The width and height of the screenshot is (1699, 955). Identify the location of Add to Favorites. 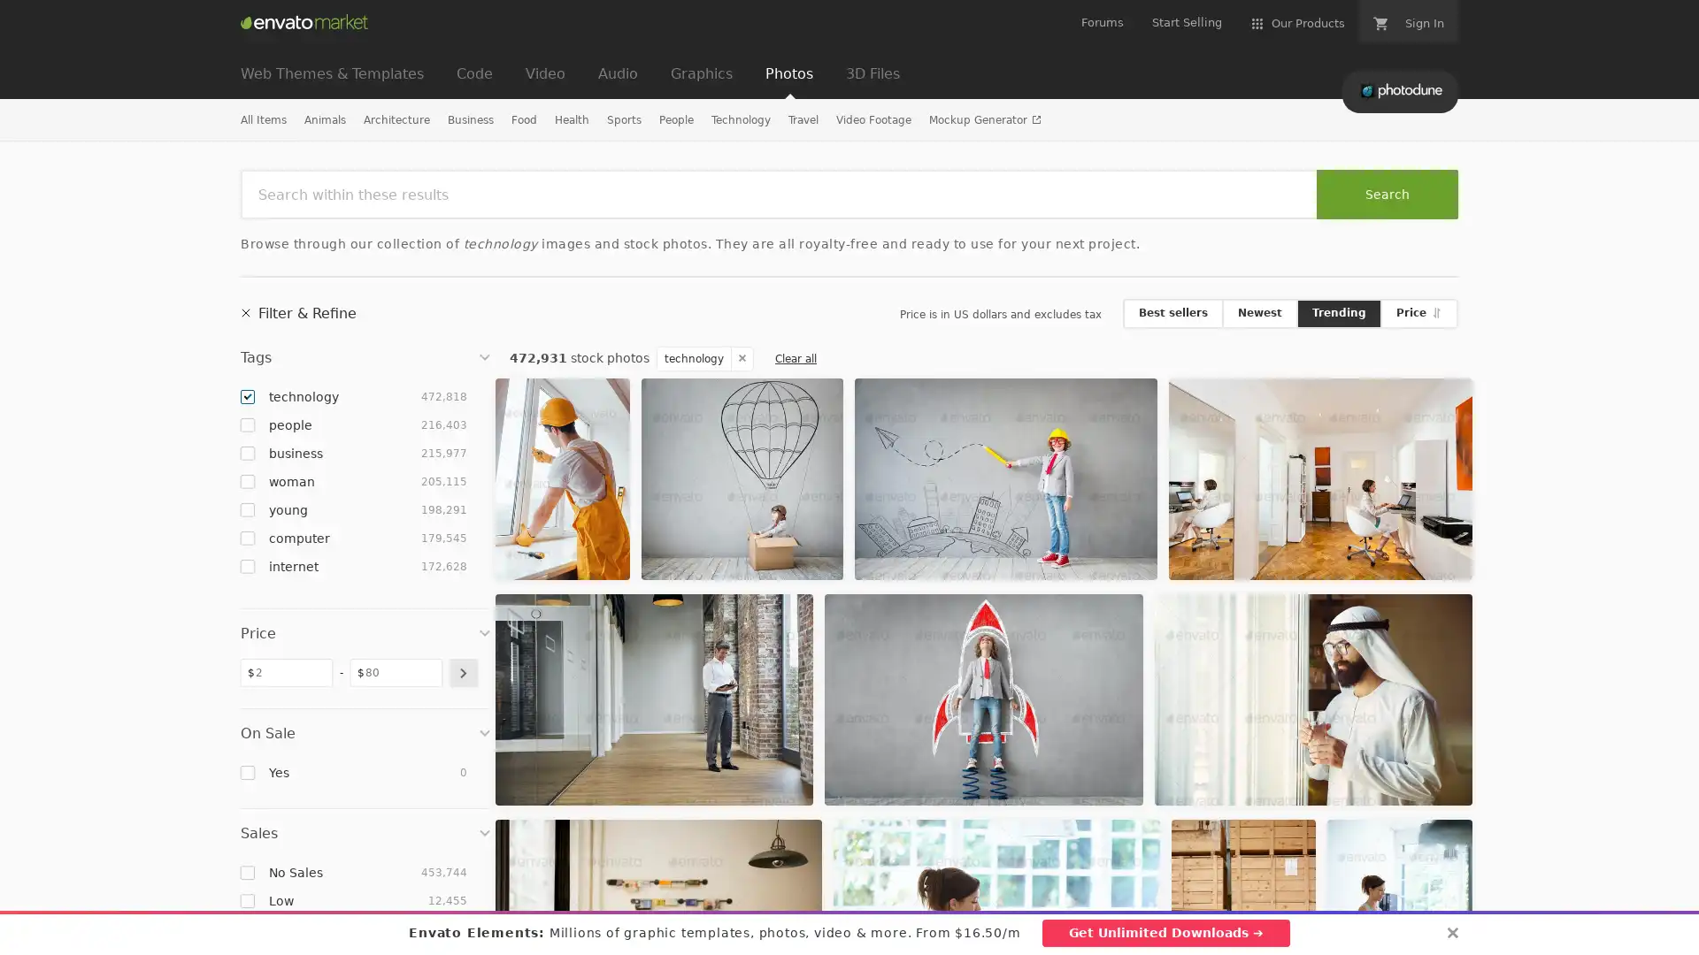
(1448, 615).